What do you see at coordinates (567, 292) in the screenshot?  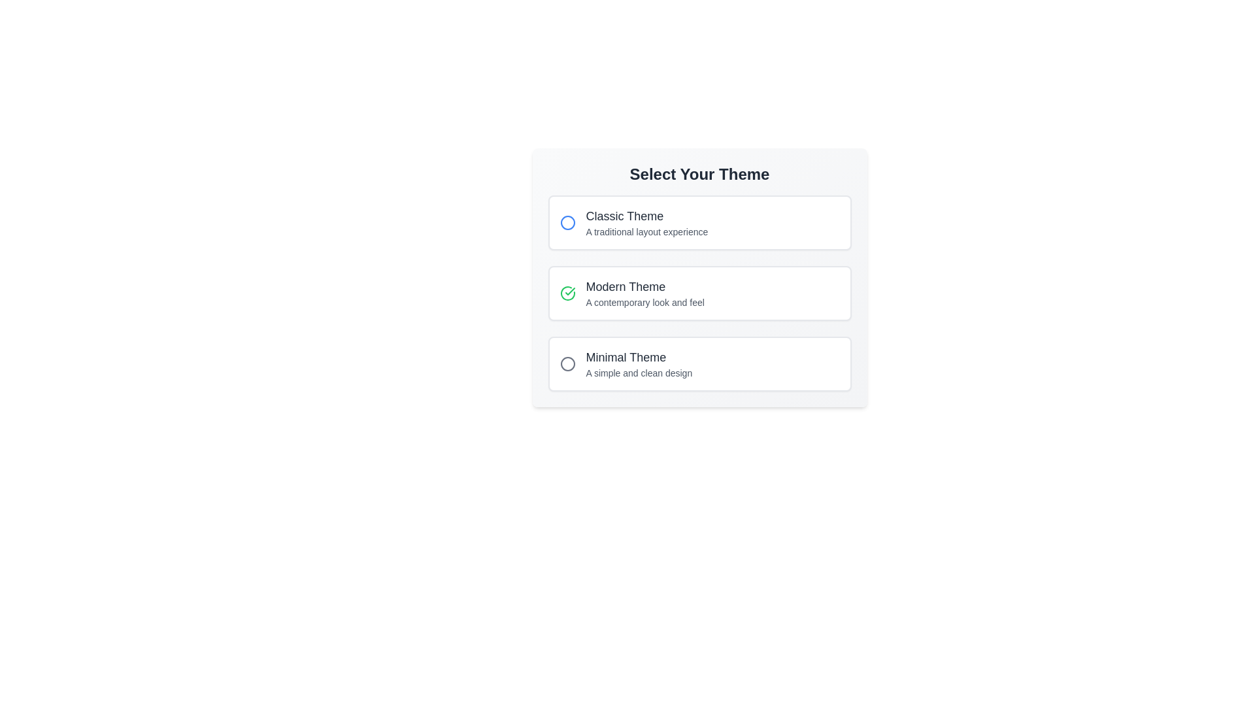 I see `the circular green checkmark icon indicating selection next to the 'Modern Theme' text` at bounding box center [567, 292].